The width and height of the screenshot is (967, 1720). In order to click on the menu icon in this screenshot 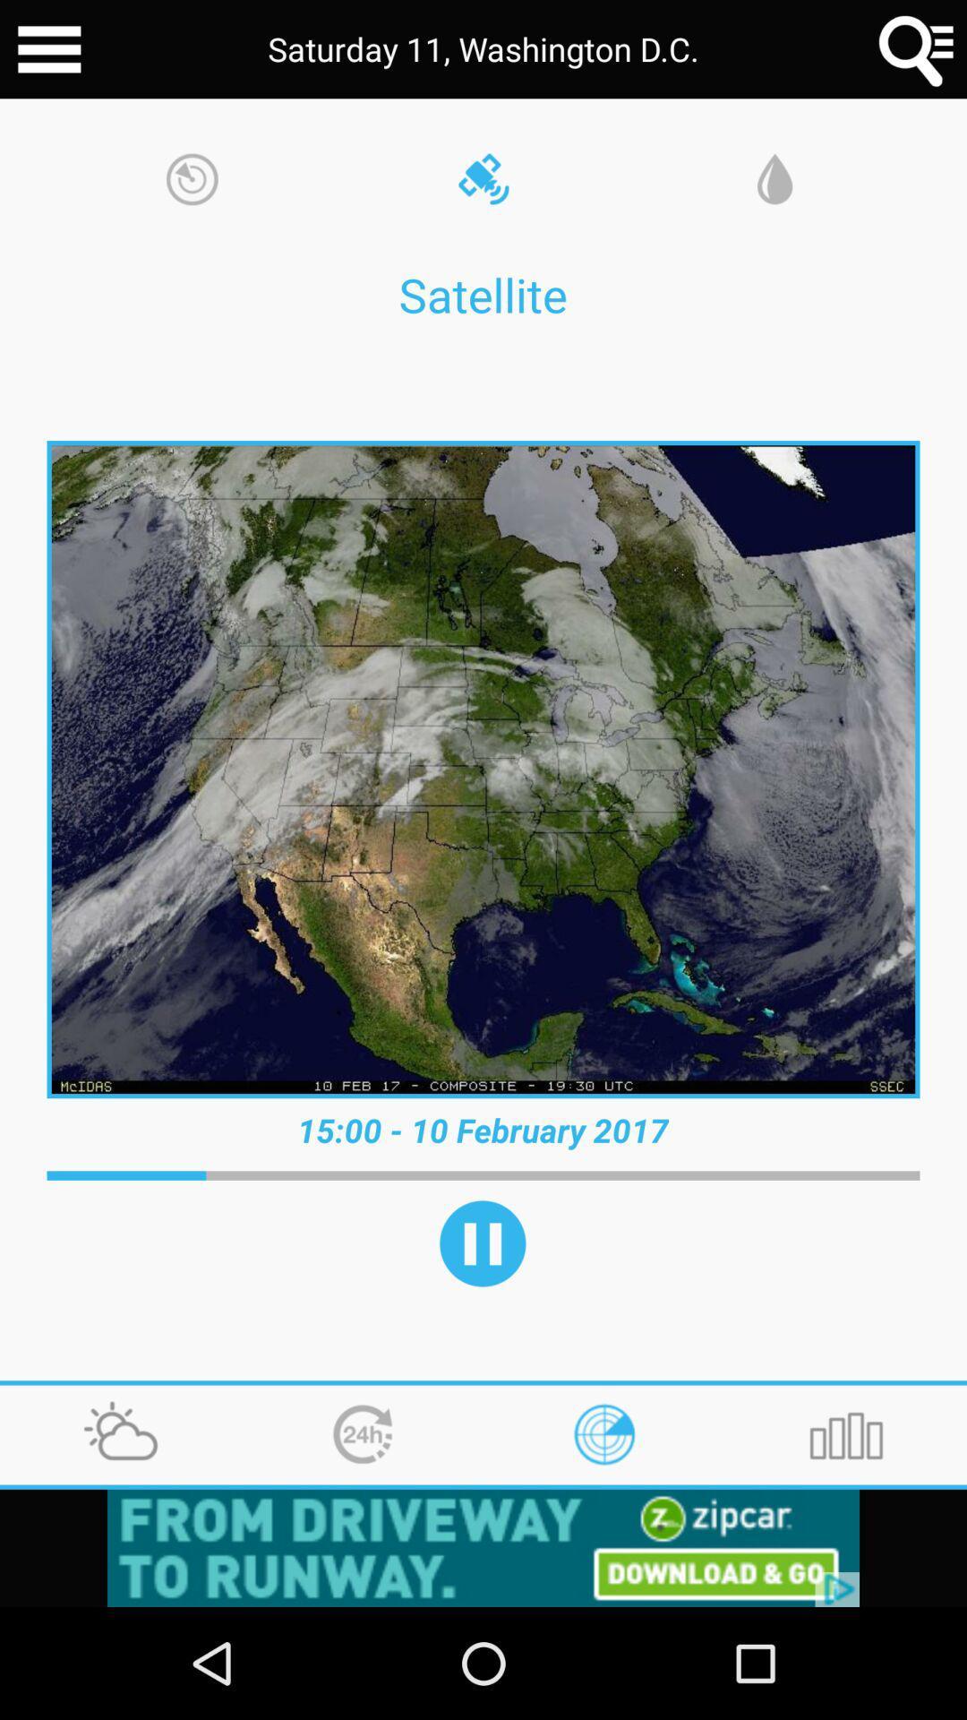, I will do `click(48, 52)`.